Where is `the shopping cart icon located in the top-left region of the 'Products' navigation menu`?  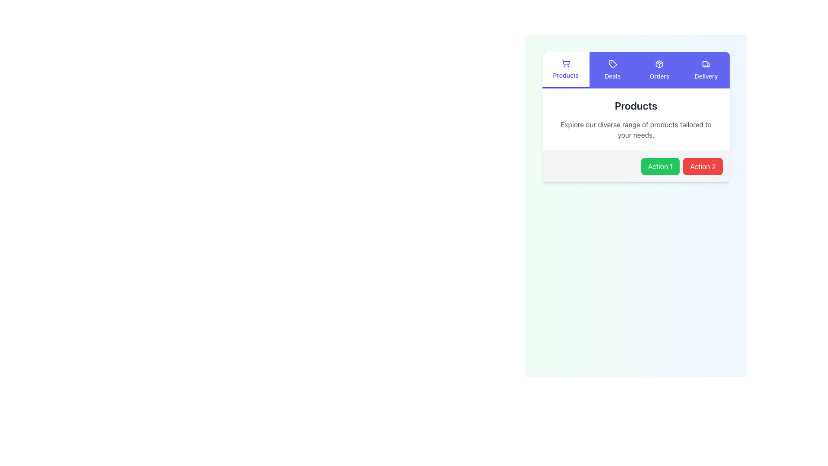 the shopping cart icon located in the top-left region of the 'Products' navigation menu is located at coordinates (566, 63).